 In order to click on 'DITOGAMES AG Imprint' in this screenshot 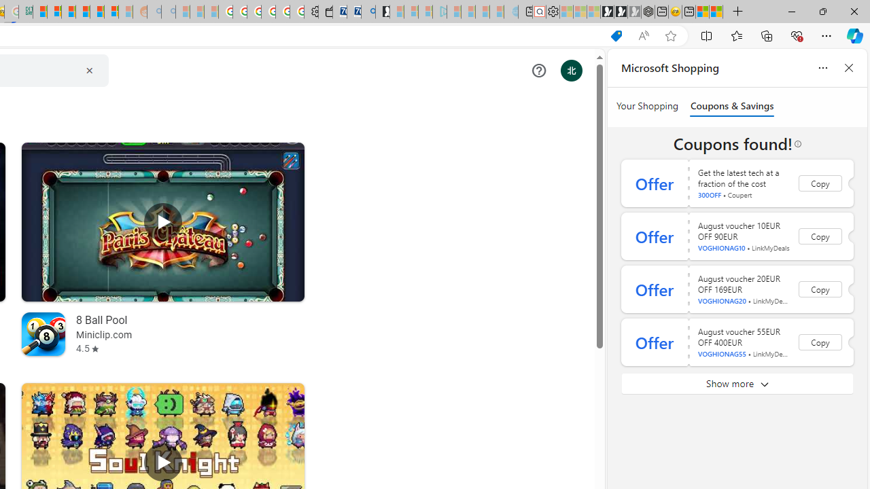, I will do `click(26, 12)`.